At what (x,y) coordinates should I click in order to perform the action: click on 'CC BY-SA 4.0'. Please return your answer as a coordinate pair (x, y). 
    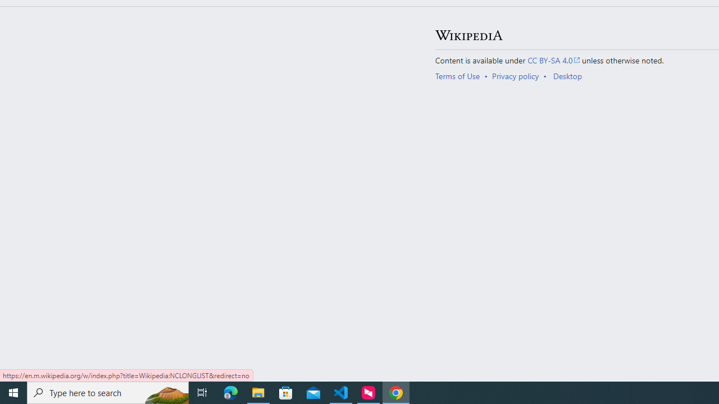
    Looking at the image, I should click on (554, 59).